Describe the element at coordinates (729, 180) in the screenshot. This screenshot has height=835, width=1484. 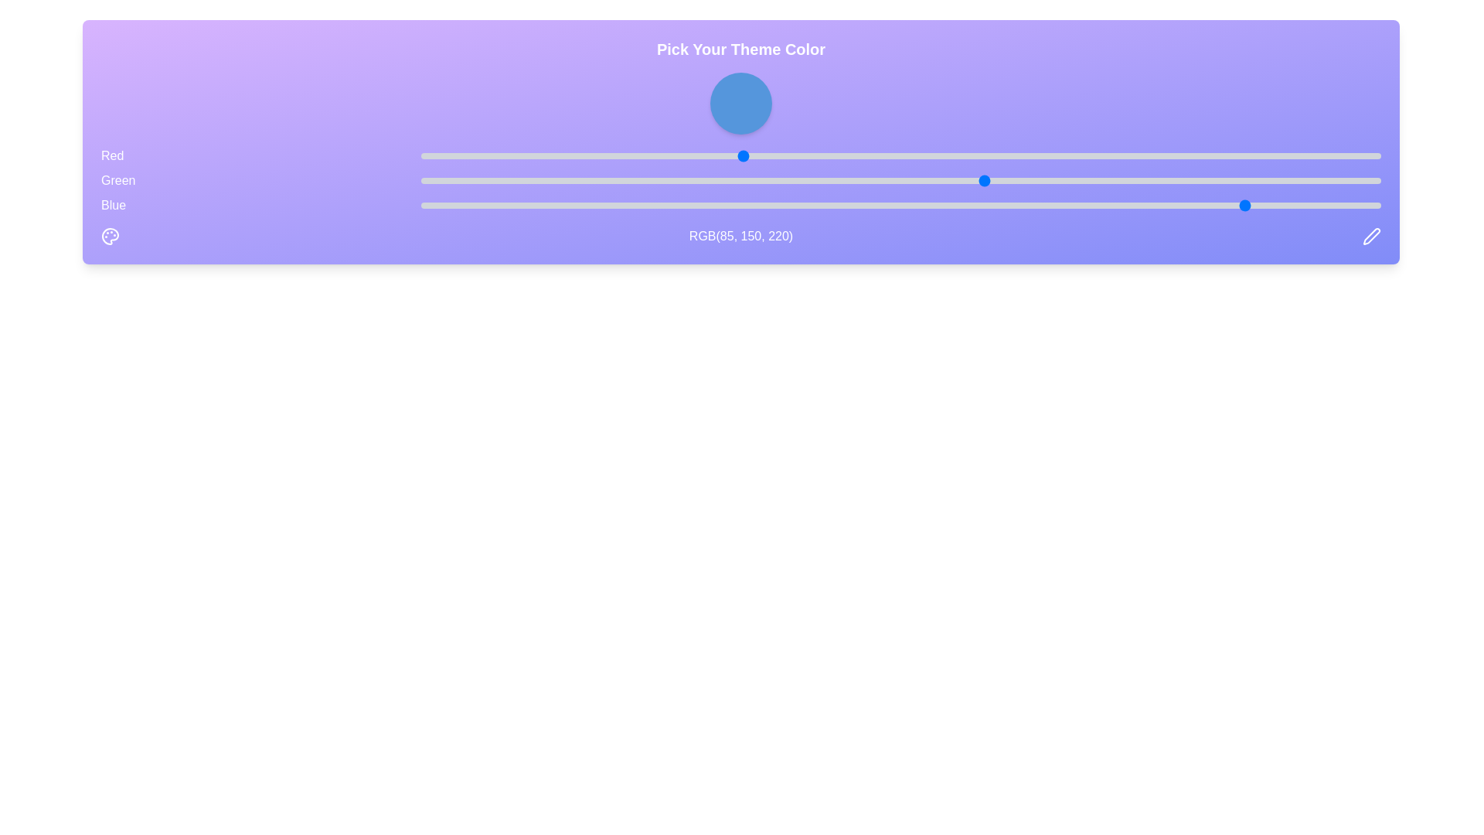
I see `the green color intensity` at that location.